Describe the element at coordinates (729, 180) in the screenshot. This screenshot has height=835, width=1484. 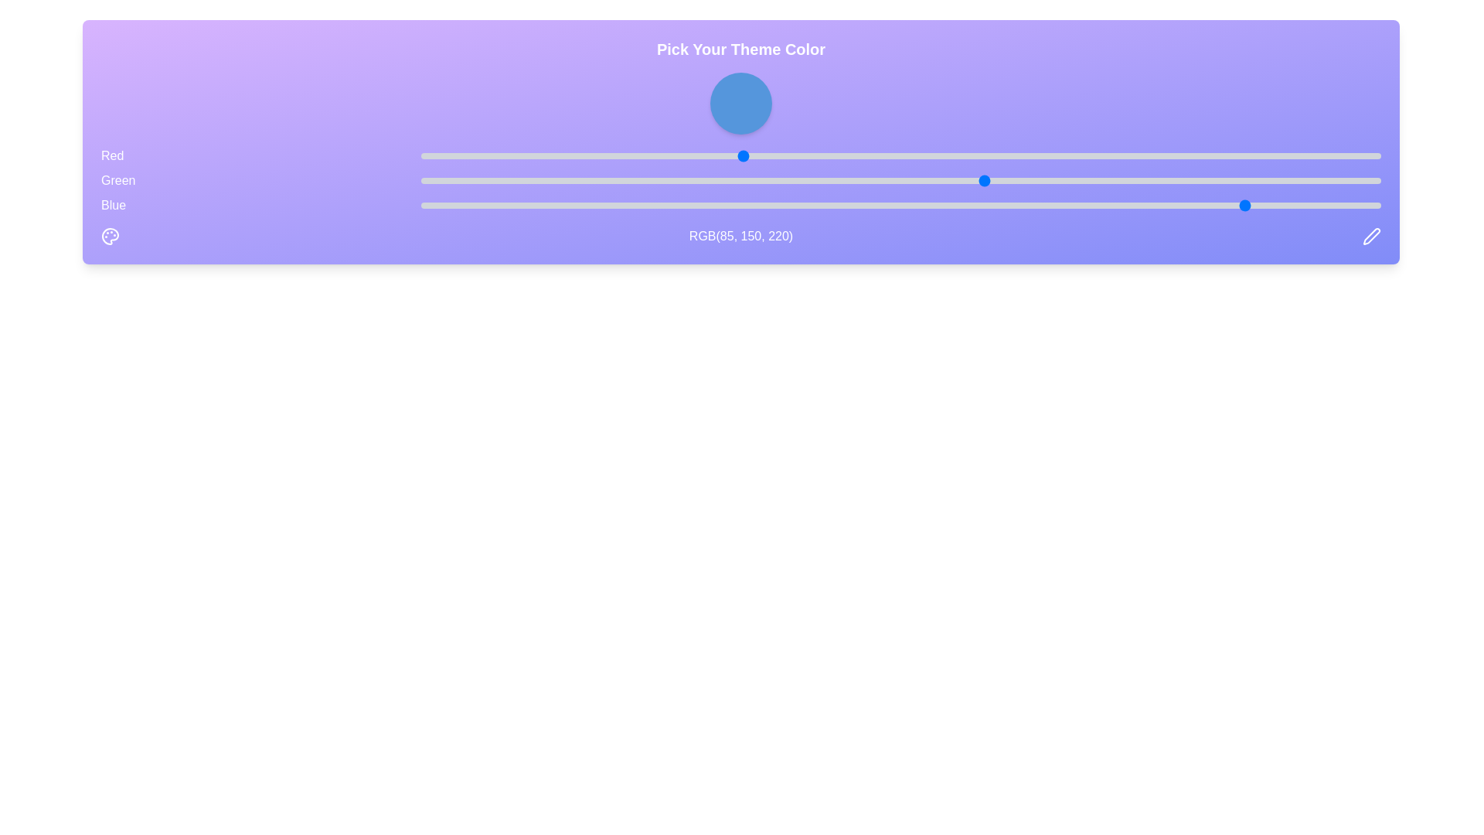
I see `the green color intensity` at that location.